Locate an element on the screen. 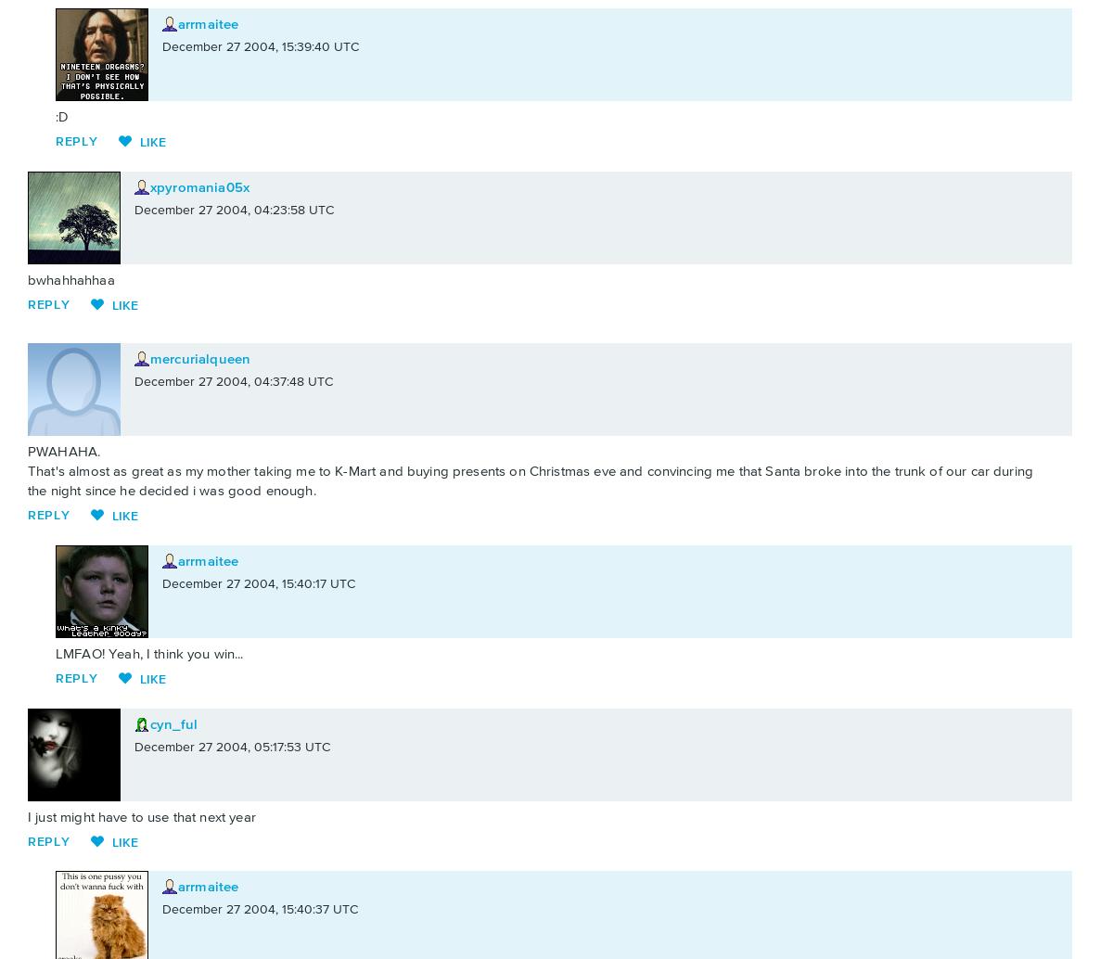 The width and height of the screenshot is (1100, 959). 'December 27 2004, 04:37:48 UTC' is located at coordinates (233, 381).